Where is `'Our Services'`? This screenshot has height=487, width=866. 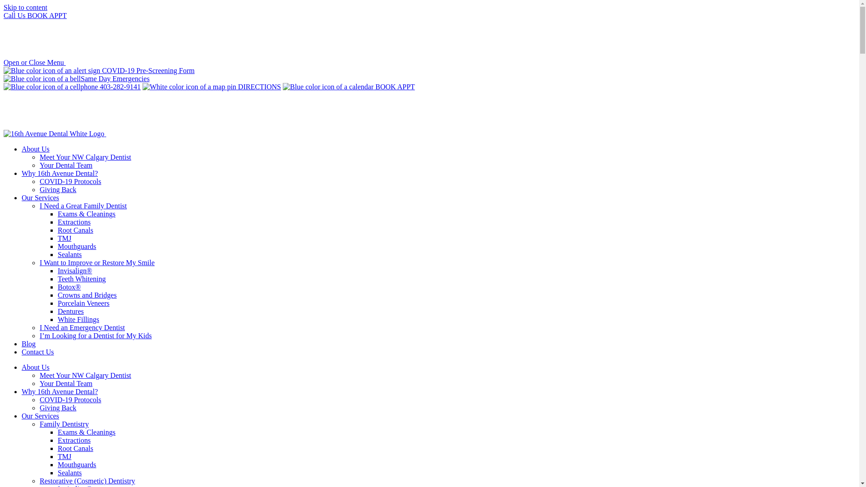
'Our Services' is located at coordinates (22, 416).